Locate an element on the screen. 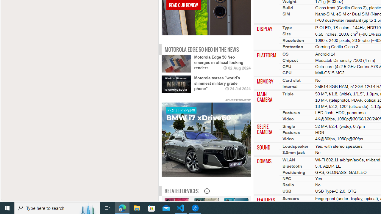 This screenshot has height=214, width=381. 'Triple' is located at coordinates (288, 94).